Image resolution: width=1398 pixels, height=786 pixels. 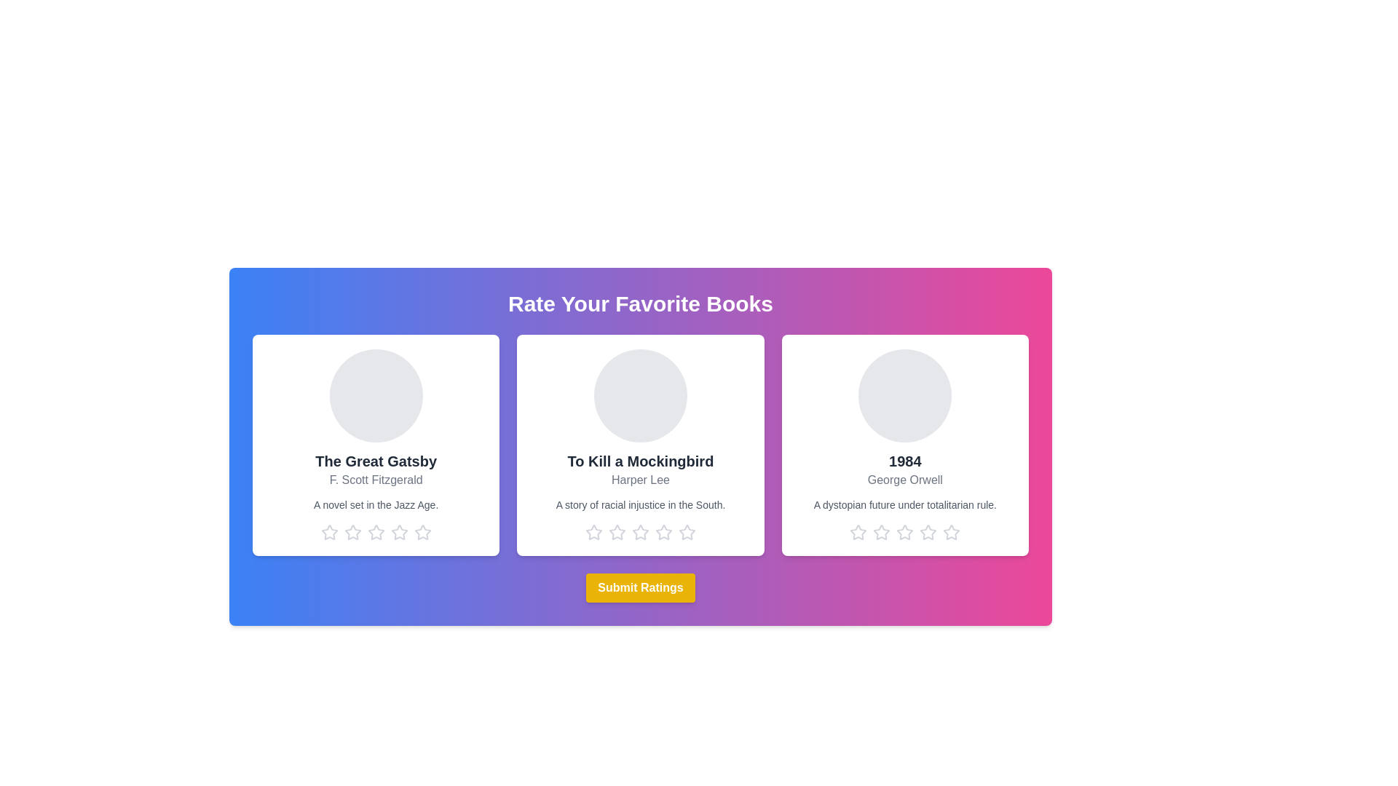 I want to click on the star corresponding to 3 stars for the book titled The Great Gatsby, so click(x=376, y=533).